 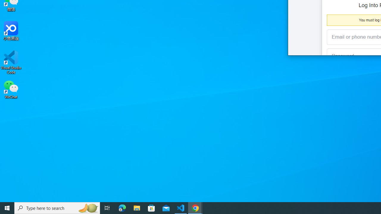 What do you see at coordinates (180, 207) in the screenshot?
I see `'Visual Studio Code - 1 running window'` at bounding box center [180, 207].